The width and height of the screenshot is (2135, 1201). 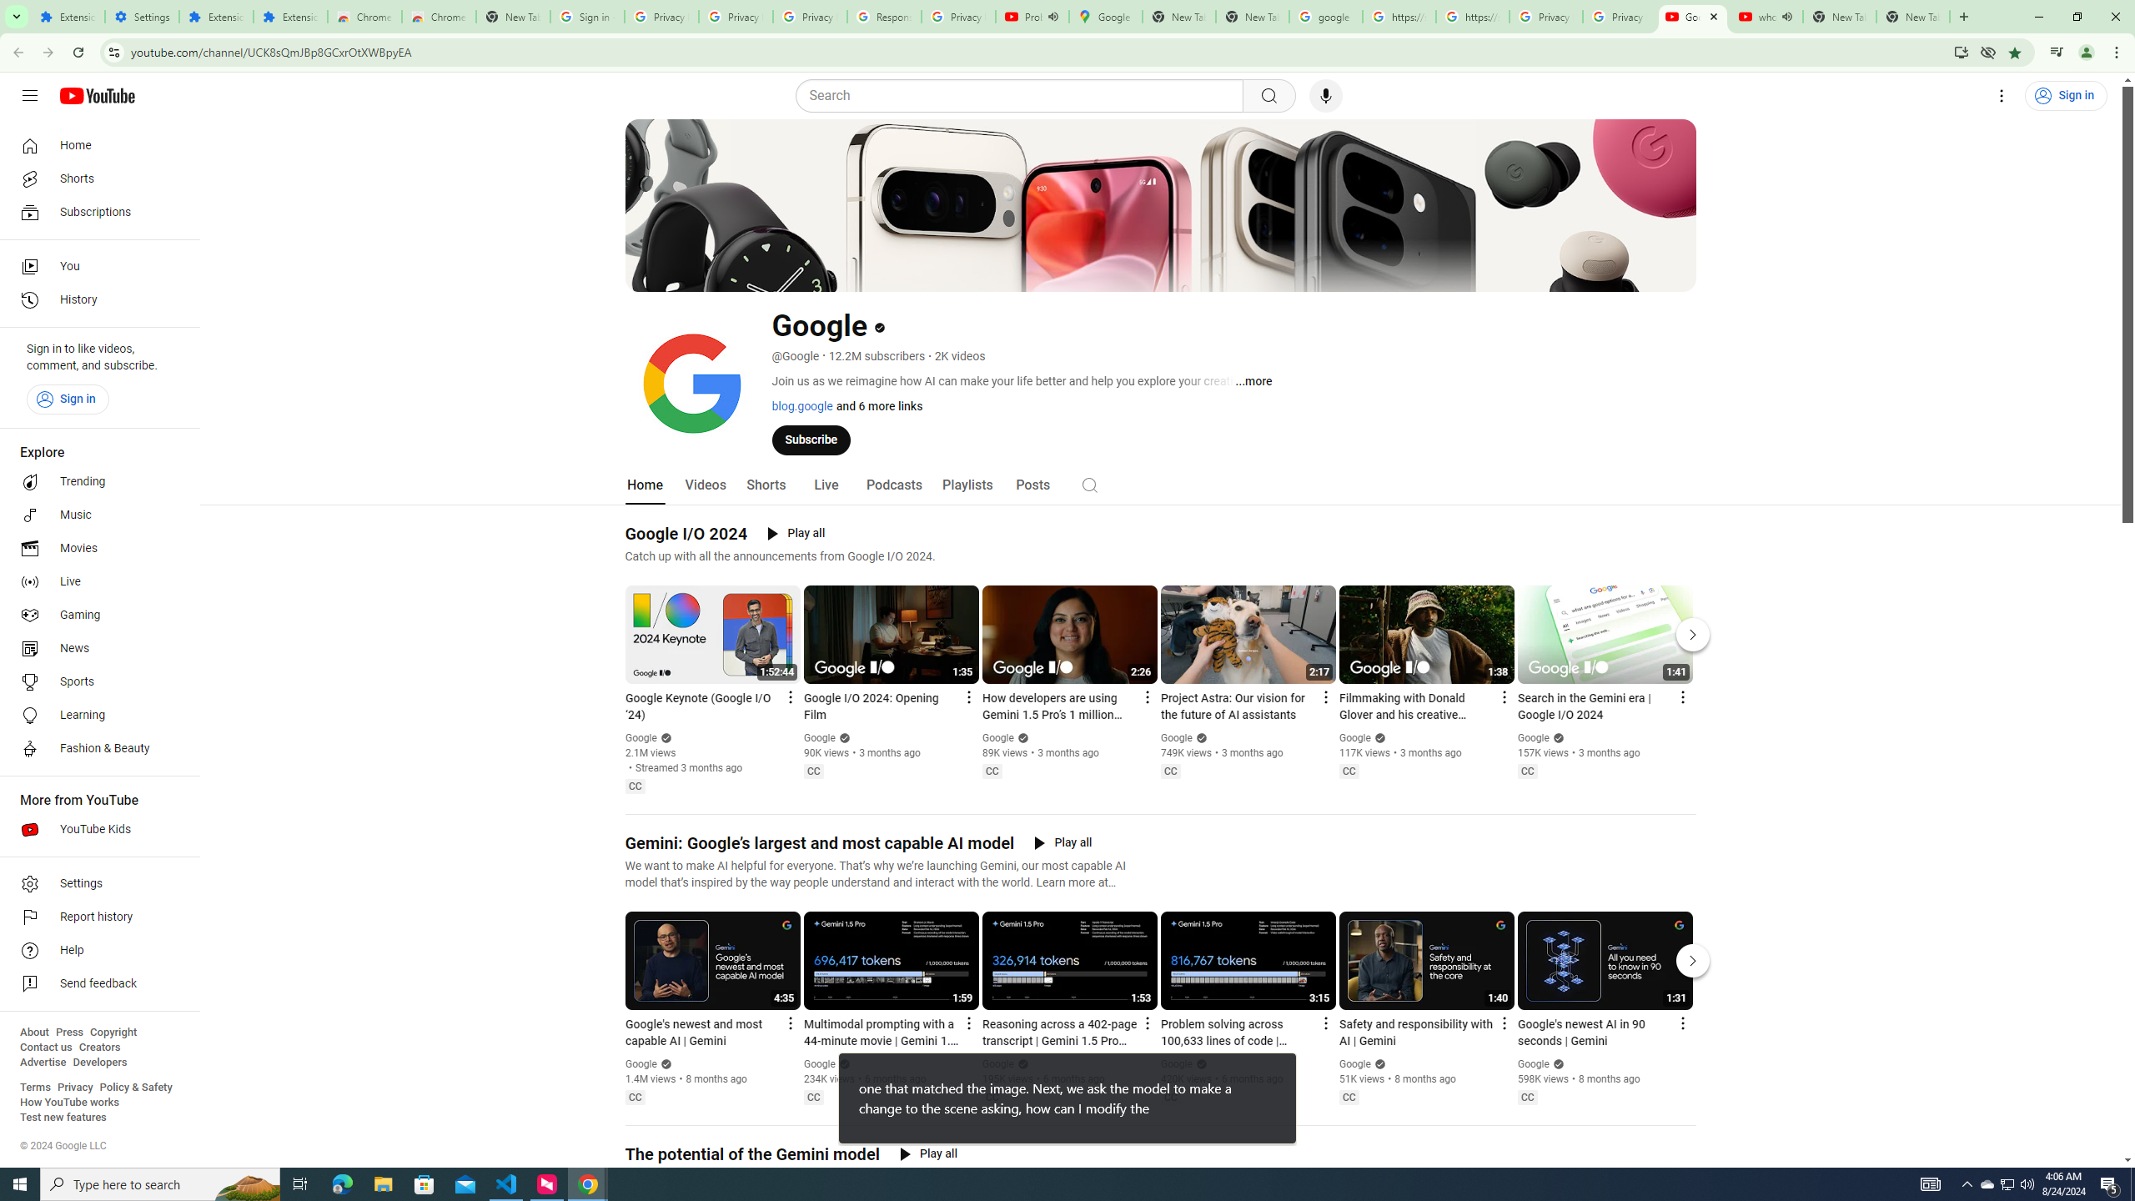 I want to click on 'Guide', so click(x=28, y=95).